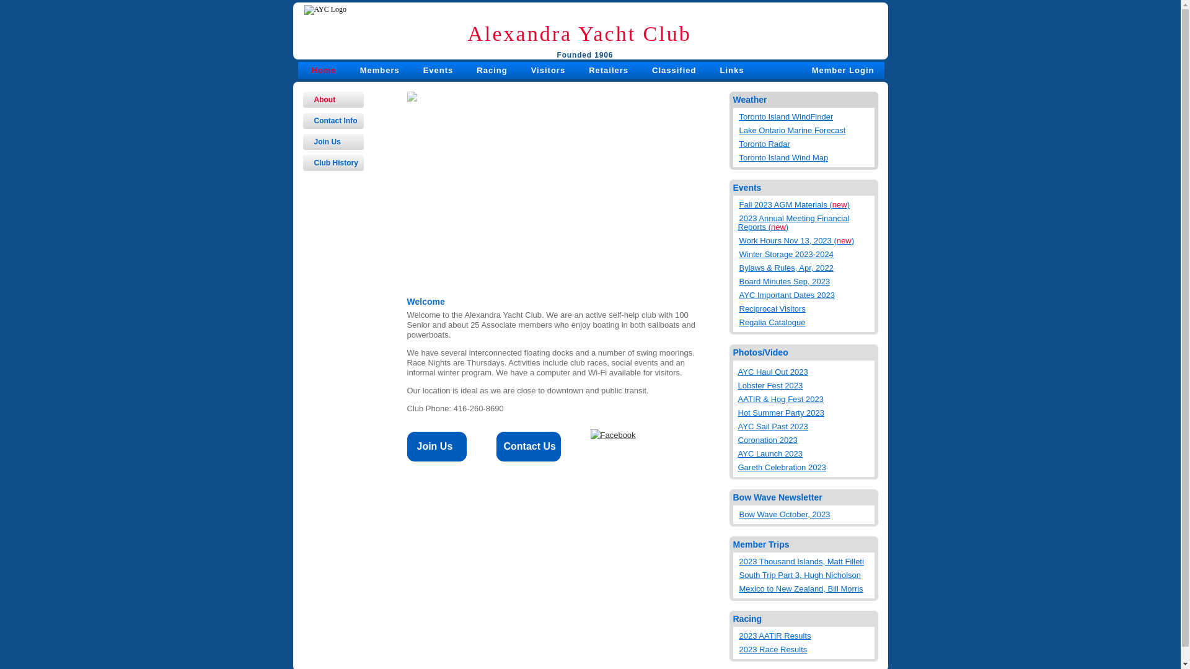 Image resolution: width=1190 pixels, height=669 pixels. Describe the element at coordinates (302, 99) in the screenshot. I see `'About'` at that location.